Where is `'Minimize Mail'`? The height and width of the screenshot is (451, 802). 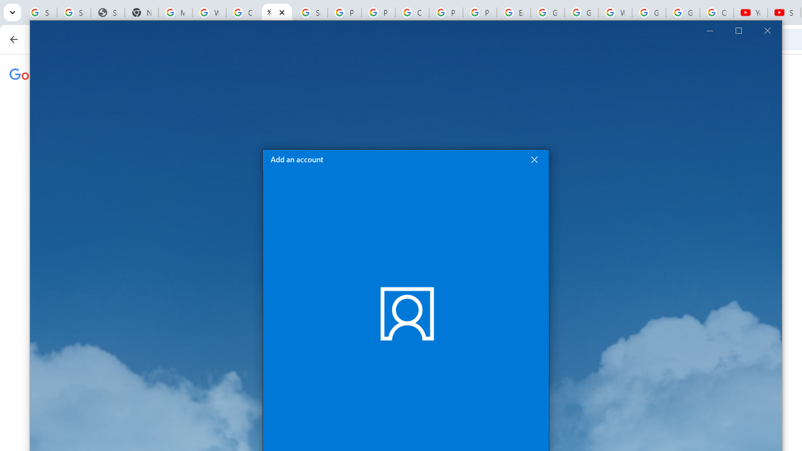 'Minimize Mail' is located at coordinates (709, 29).